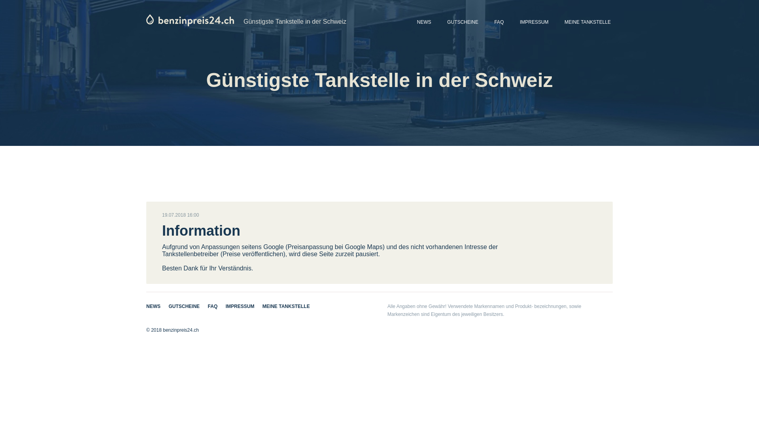 Image resolution: width=759 pixels, height=427 pixels. Describe the element at coordinates (463, 22) in the screenshot. I see `'GUTSCHEINE'` at that location.